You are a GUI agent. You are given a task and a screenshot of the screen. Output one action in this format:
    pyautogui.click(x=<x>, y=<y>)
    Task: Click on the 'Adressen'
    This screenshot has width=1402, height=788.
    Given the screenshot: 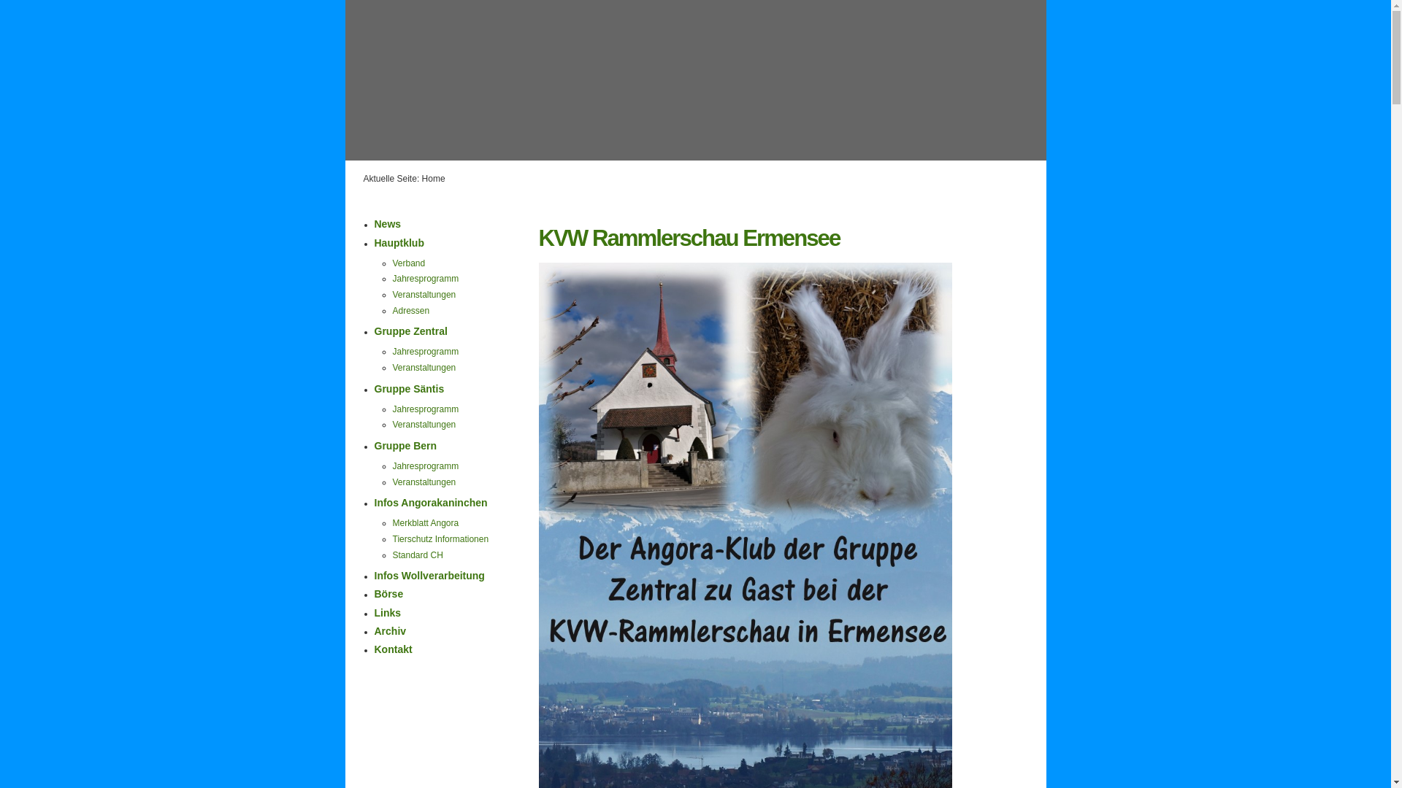 What is the action you would take?
    pyautogui.click(x=392, y=309)
    